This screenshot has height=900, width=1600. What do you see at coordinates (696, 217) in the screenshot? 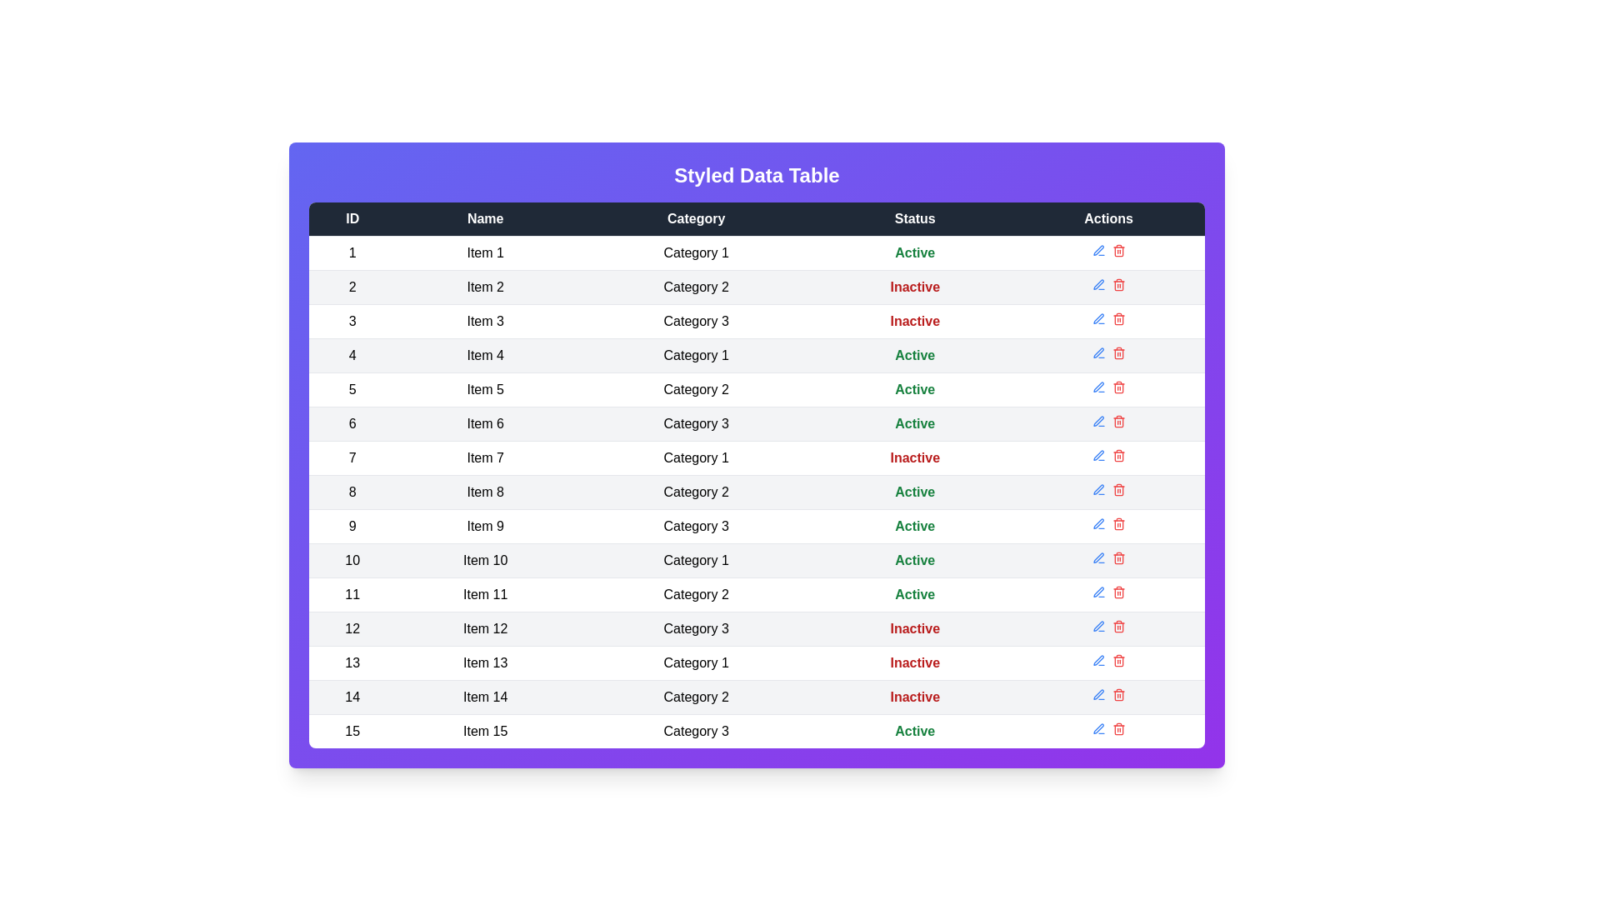
I see `the column header Category to sort the table by that column` at bounding box center [696, 217].